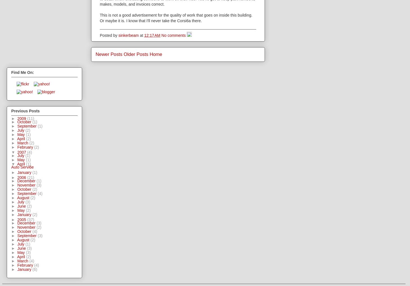 The width and height of the screenshot is (410, 286). Describe the element at coordinates (174, 35) in the screenshot. I see `'No comments'` at that location.